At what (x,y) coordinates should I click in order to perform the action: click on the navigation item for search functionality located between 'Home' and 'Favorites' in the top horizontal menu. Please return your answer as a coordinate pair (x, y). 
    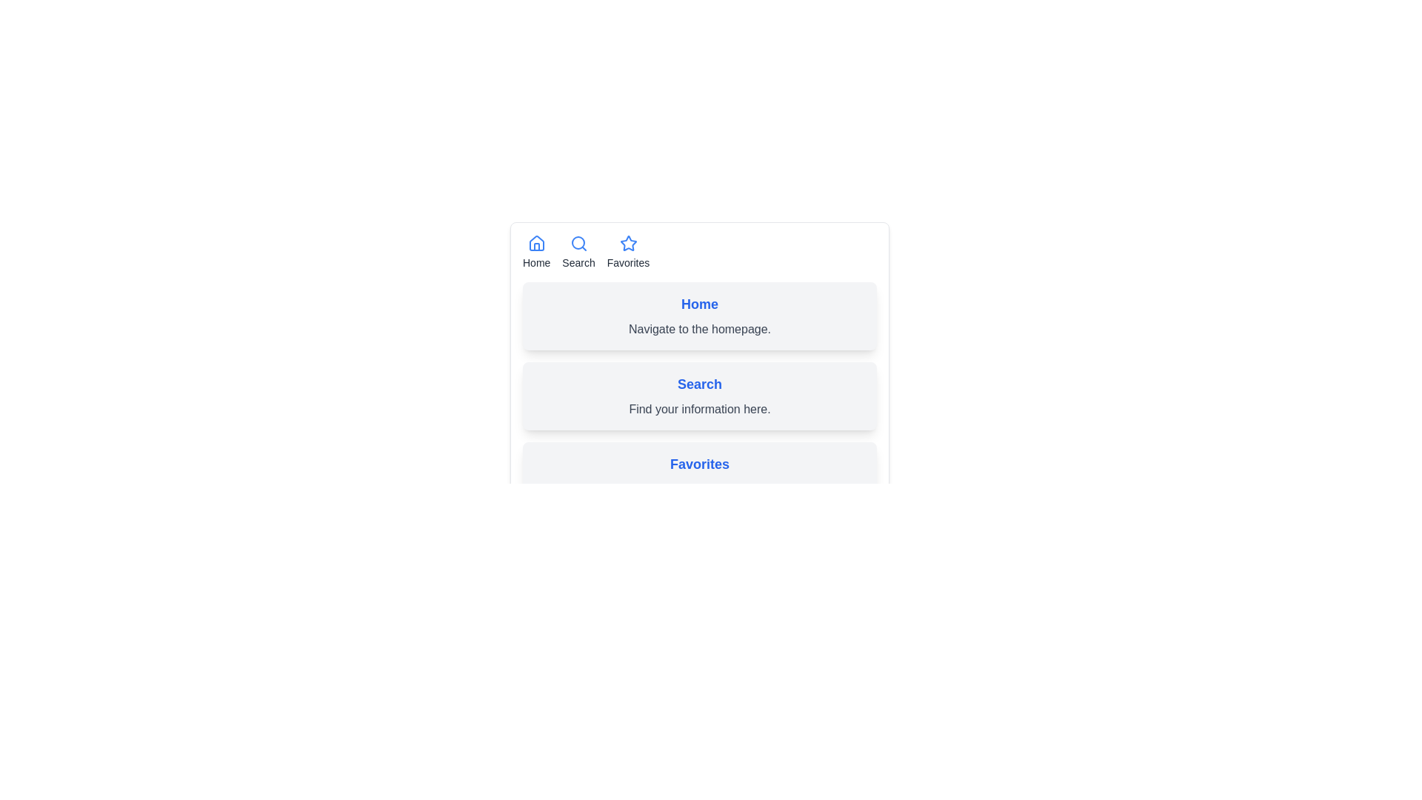
    Looking at the image, I should click on (578, 251).